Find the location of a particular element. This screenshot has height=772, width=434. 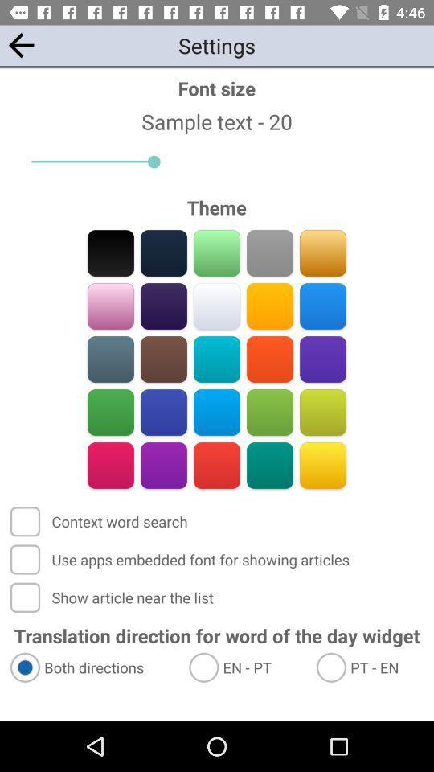

theme color is located at coordinates (110, 359).